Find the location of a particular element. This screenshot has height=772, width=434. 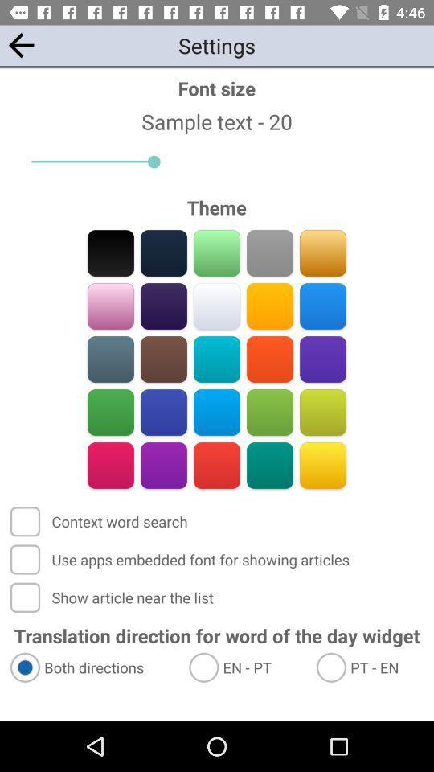

theme color is located at coordinates (110, 359).